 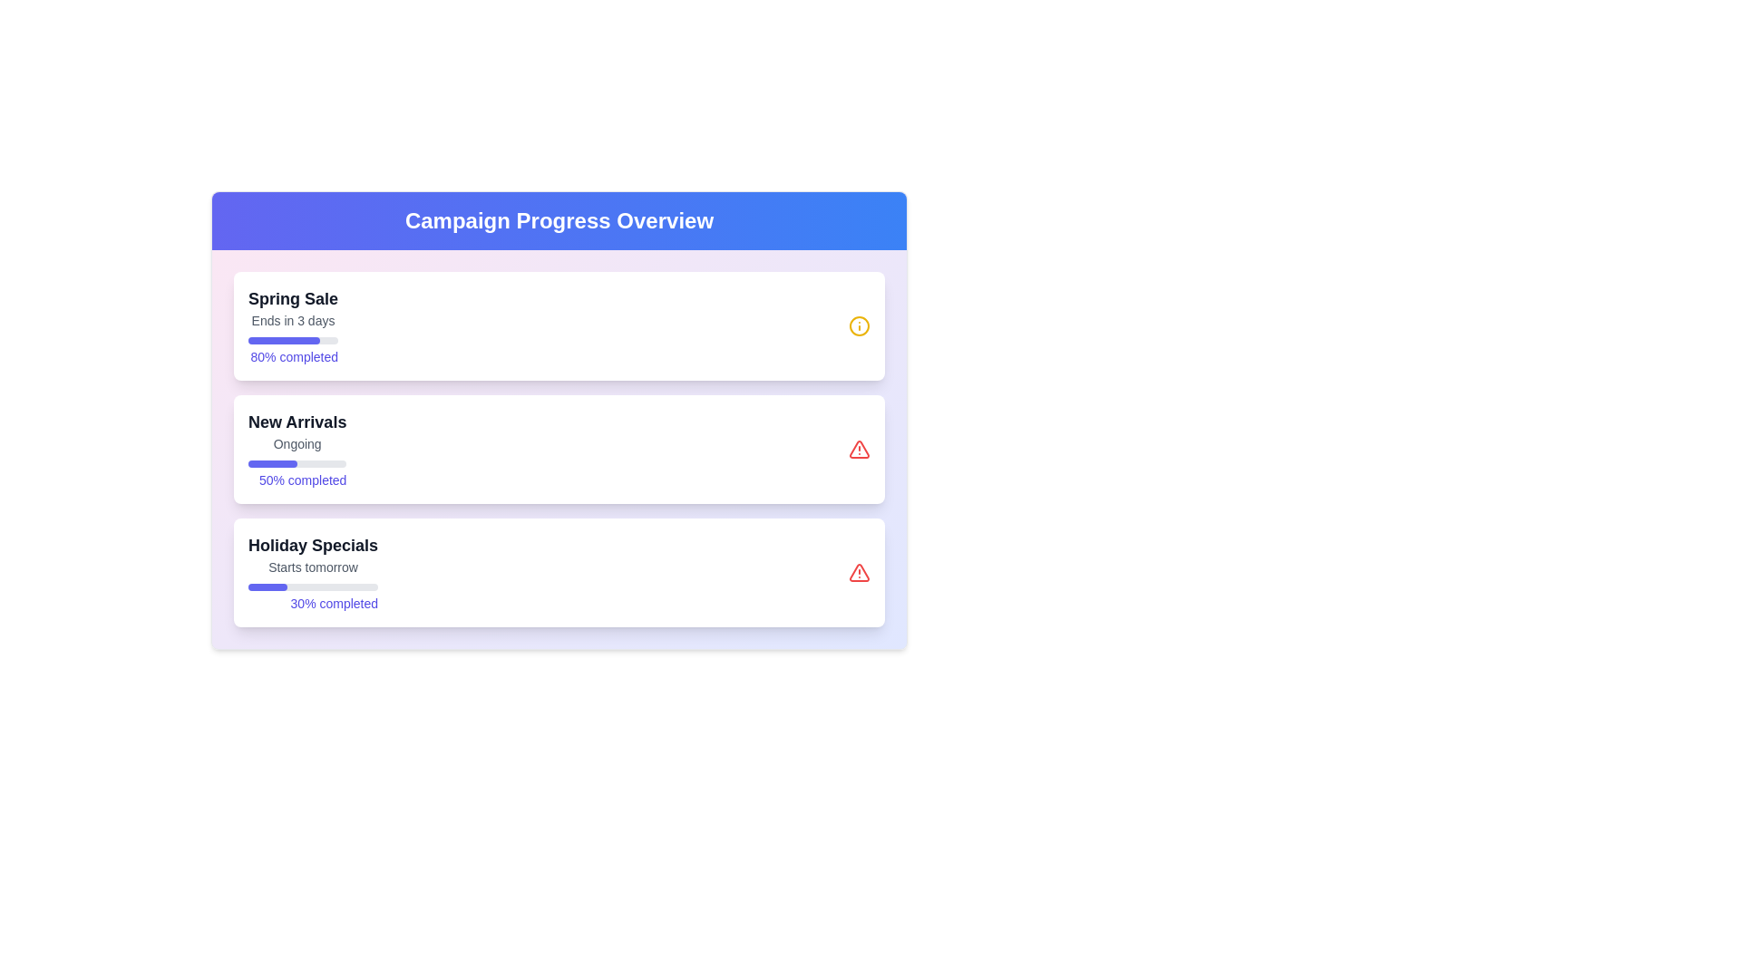 I want to click on the alert icon indicating new arrivals, located in the top-right area of the new arrivals card, so click(x=859, y=449).